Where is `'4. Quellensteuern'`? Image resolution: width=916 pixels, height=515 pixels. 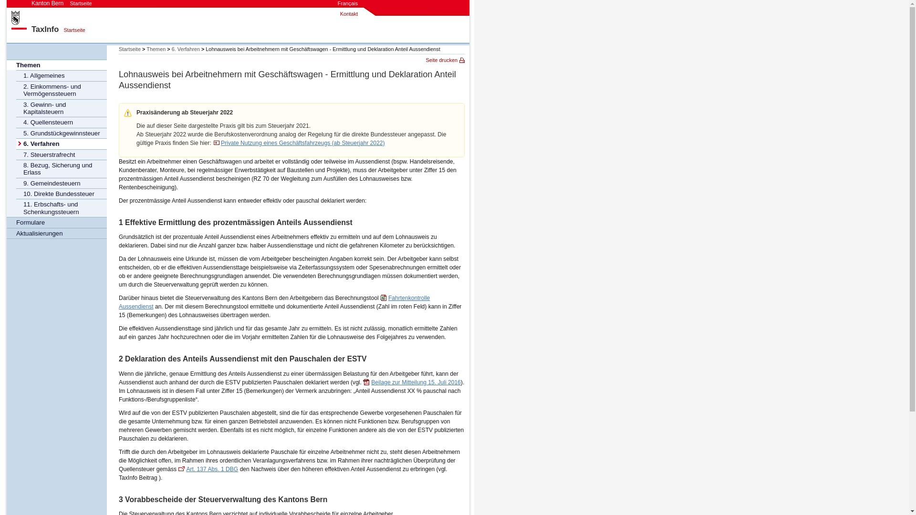
'4. Quellensteuern' is located at coordinates (61, 121).